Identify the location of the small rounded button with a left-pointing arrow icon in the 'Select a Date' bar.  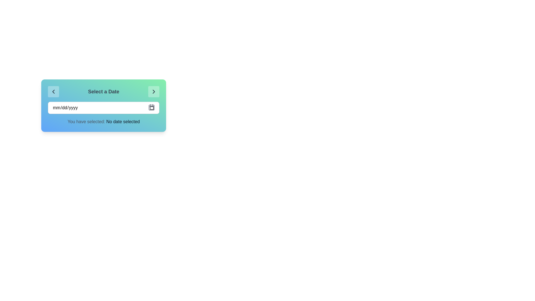
(53, 91).